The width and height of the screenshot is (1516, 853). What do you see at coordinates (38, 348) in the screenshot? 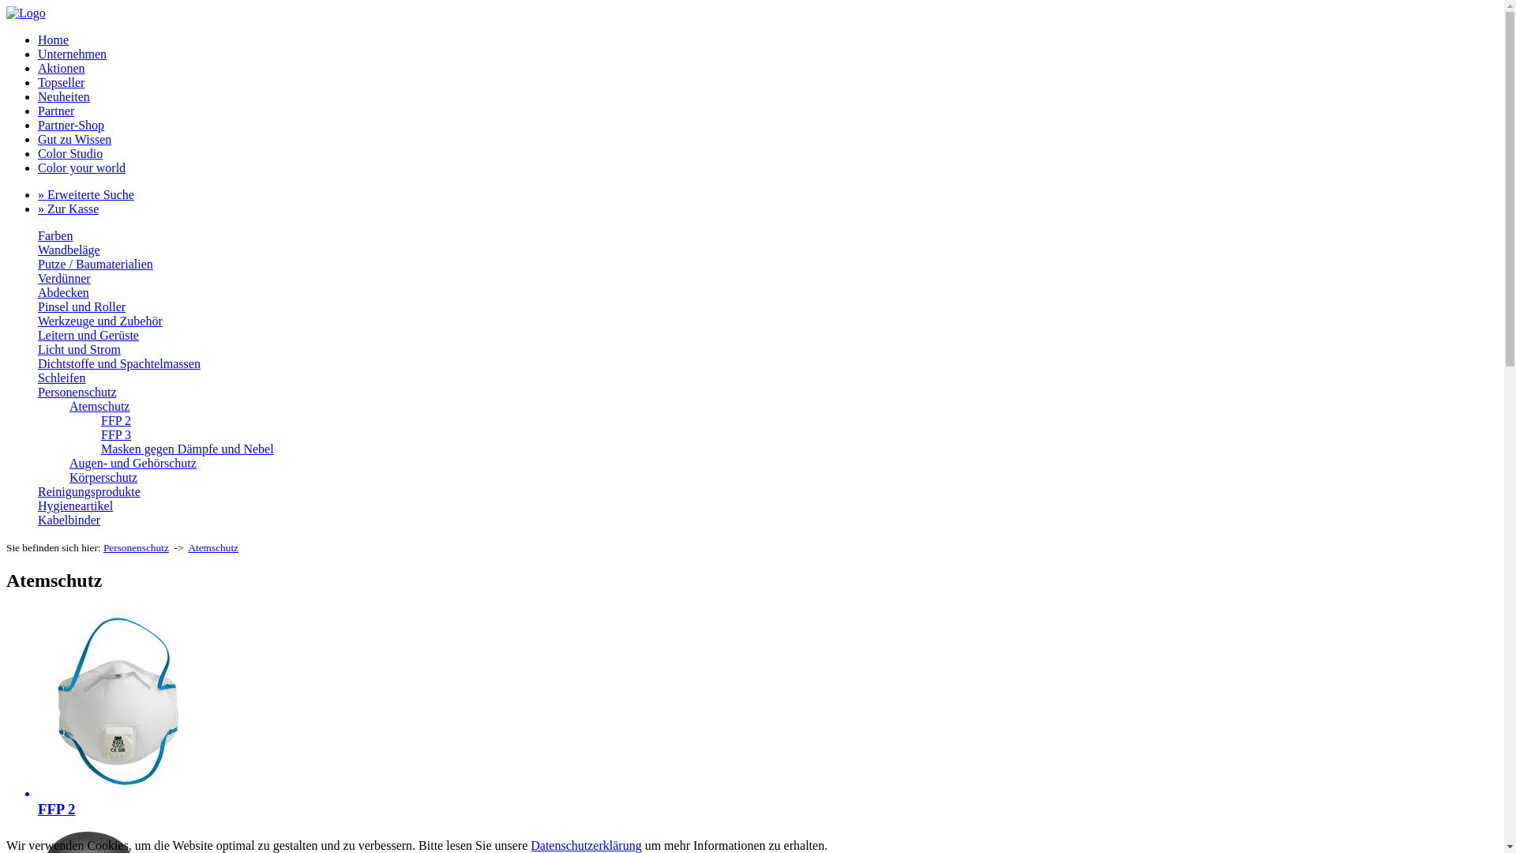
I see `'Licht und Strom'` at bounding box center [38, 348].